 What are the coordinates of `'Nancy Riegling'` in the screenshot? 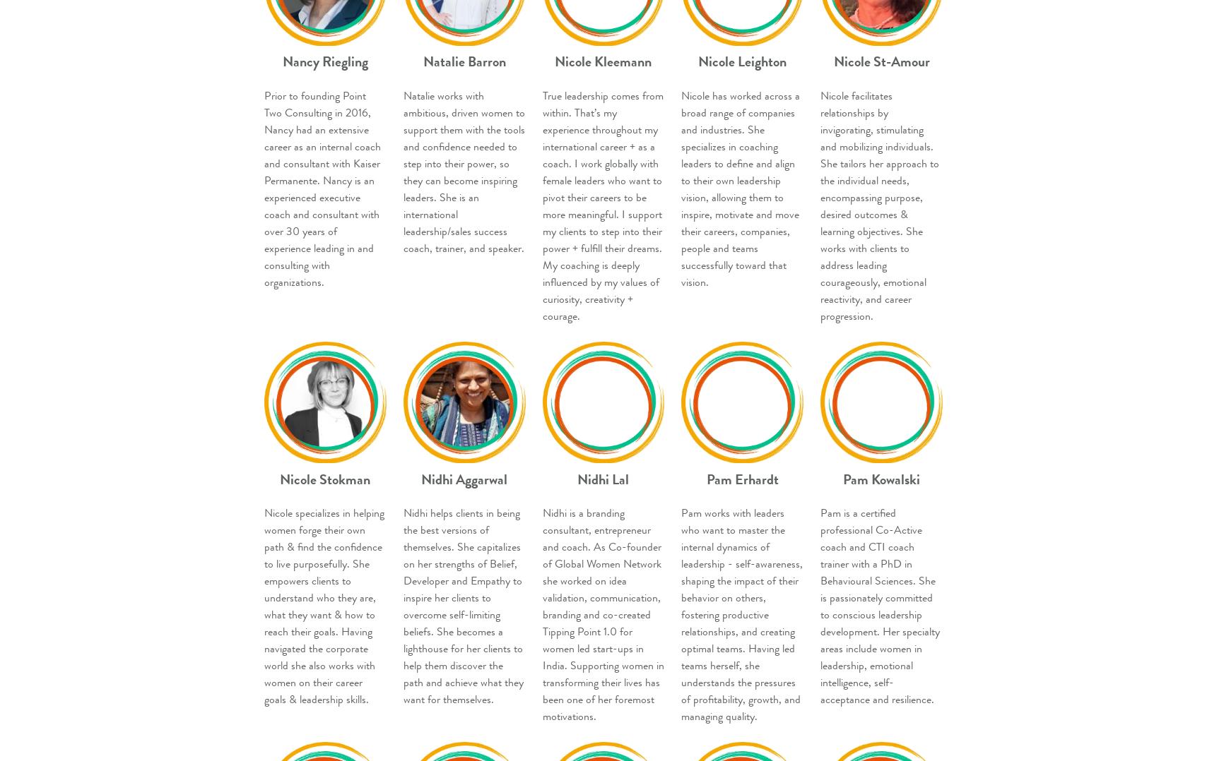 It's located at (324, 61).